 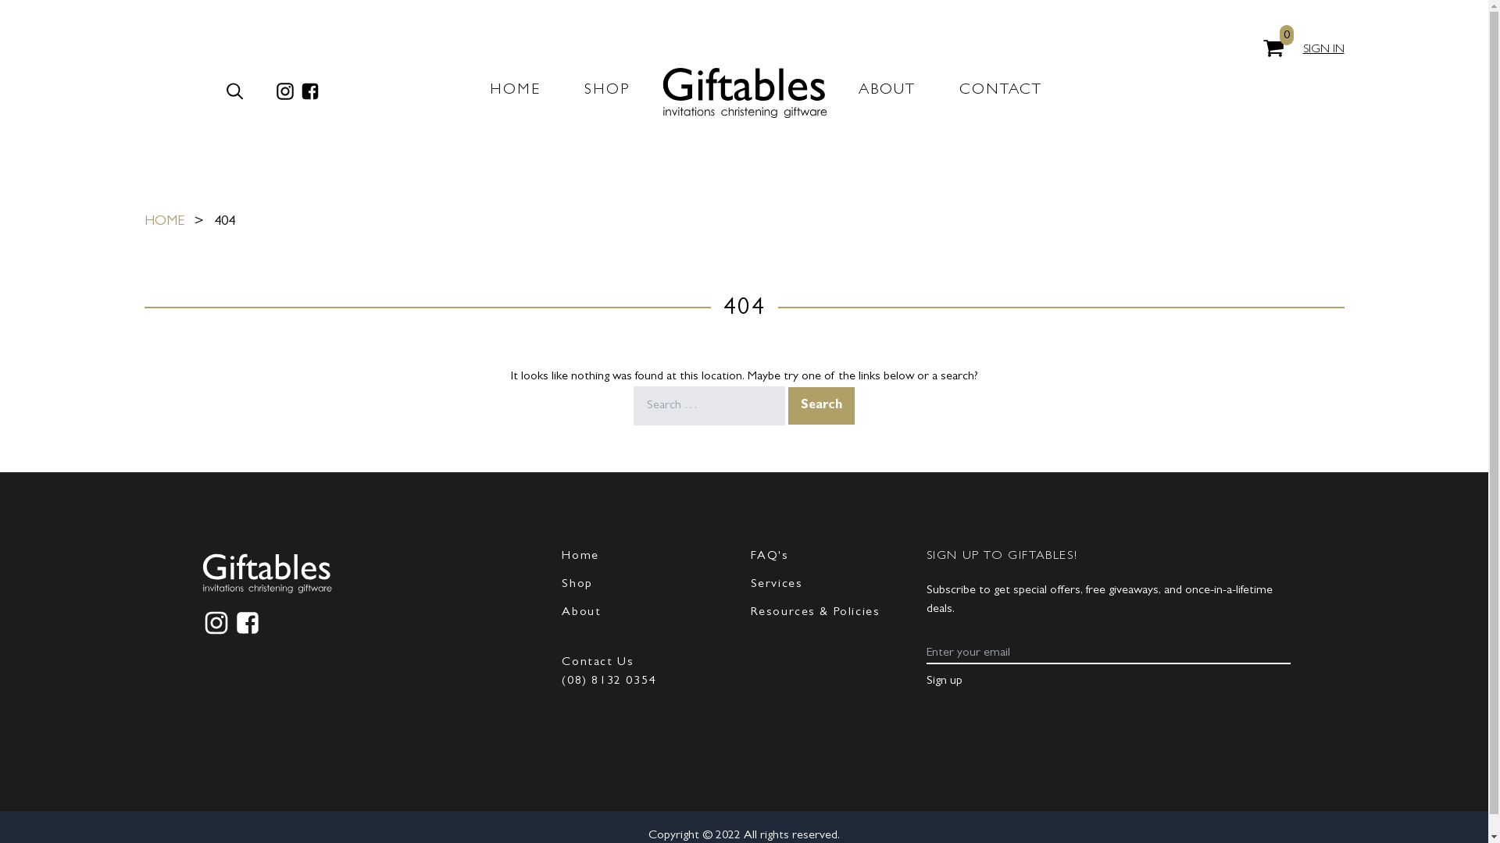 I want to click on 'Services', so click(x=750, y=584).